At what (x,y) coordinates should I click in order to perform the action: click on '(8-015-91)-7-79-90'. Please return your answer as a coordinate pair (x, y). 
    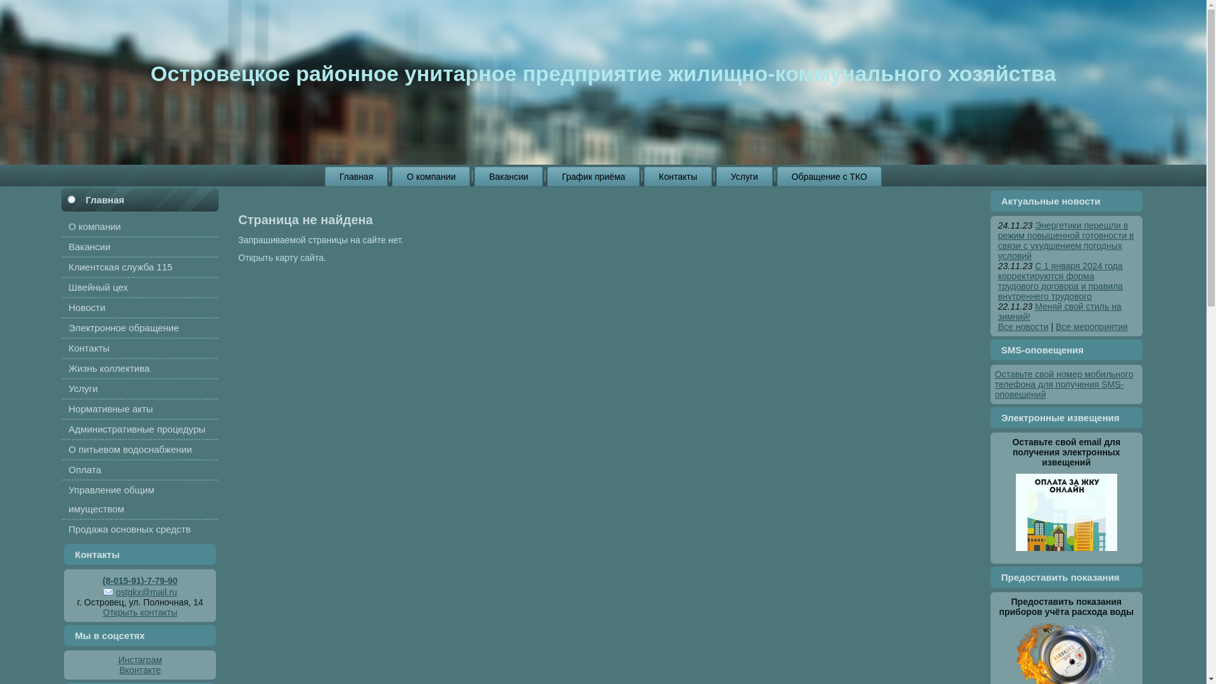
    Looking at the image, I should click on (139, 581).